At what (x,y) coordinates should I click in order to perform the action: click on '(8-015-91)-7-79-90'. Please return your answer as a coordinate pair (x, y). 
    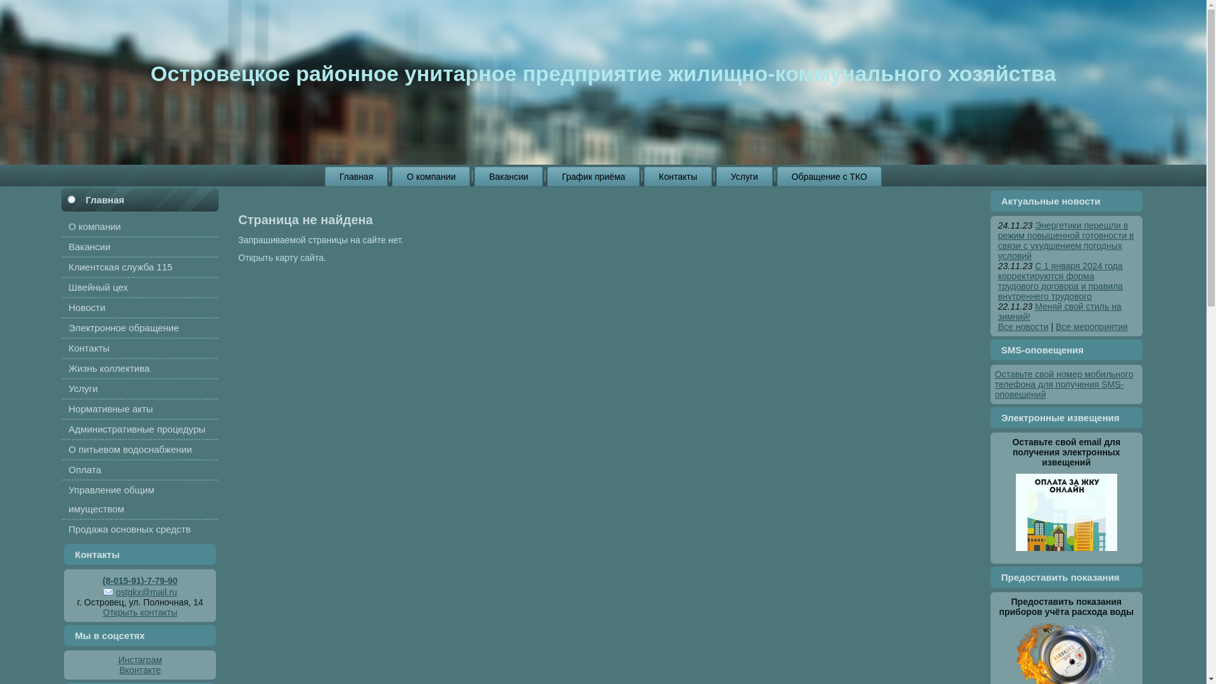
    Looking at the image, I should click on (139, 581).